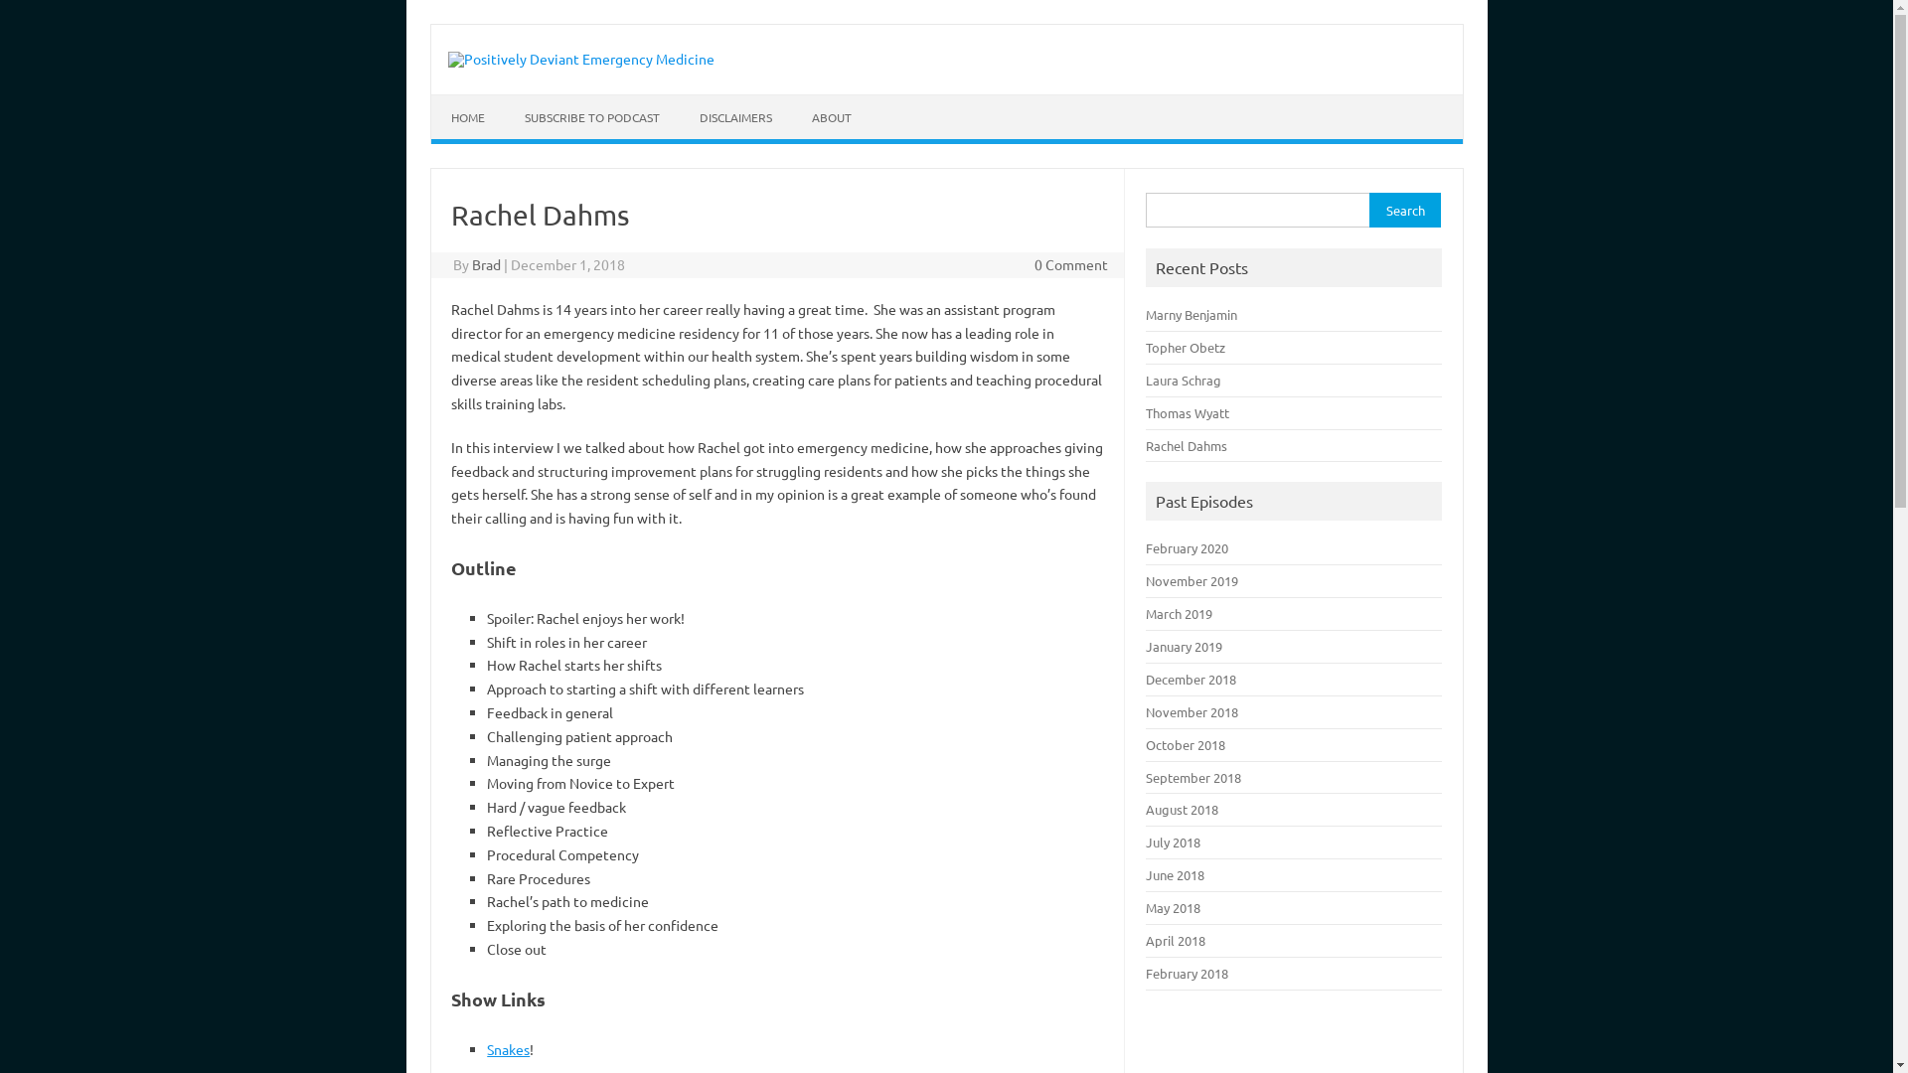  Describe the element at coordinates (1183, 380) in the screenshot. I see `'Laura Schrag'` at that location.